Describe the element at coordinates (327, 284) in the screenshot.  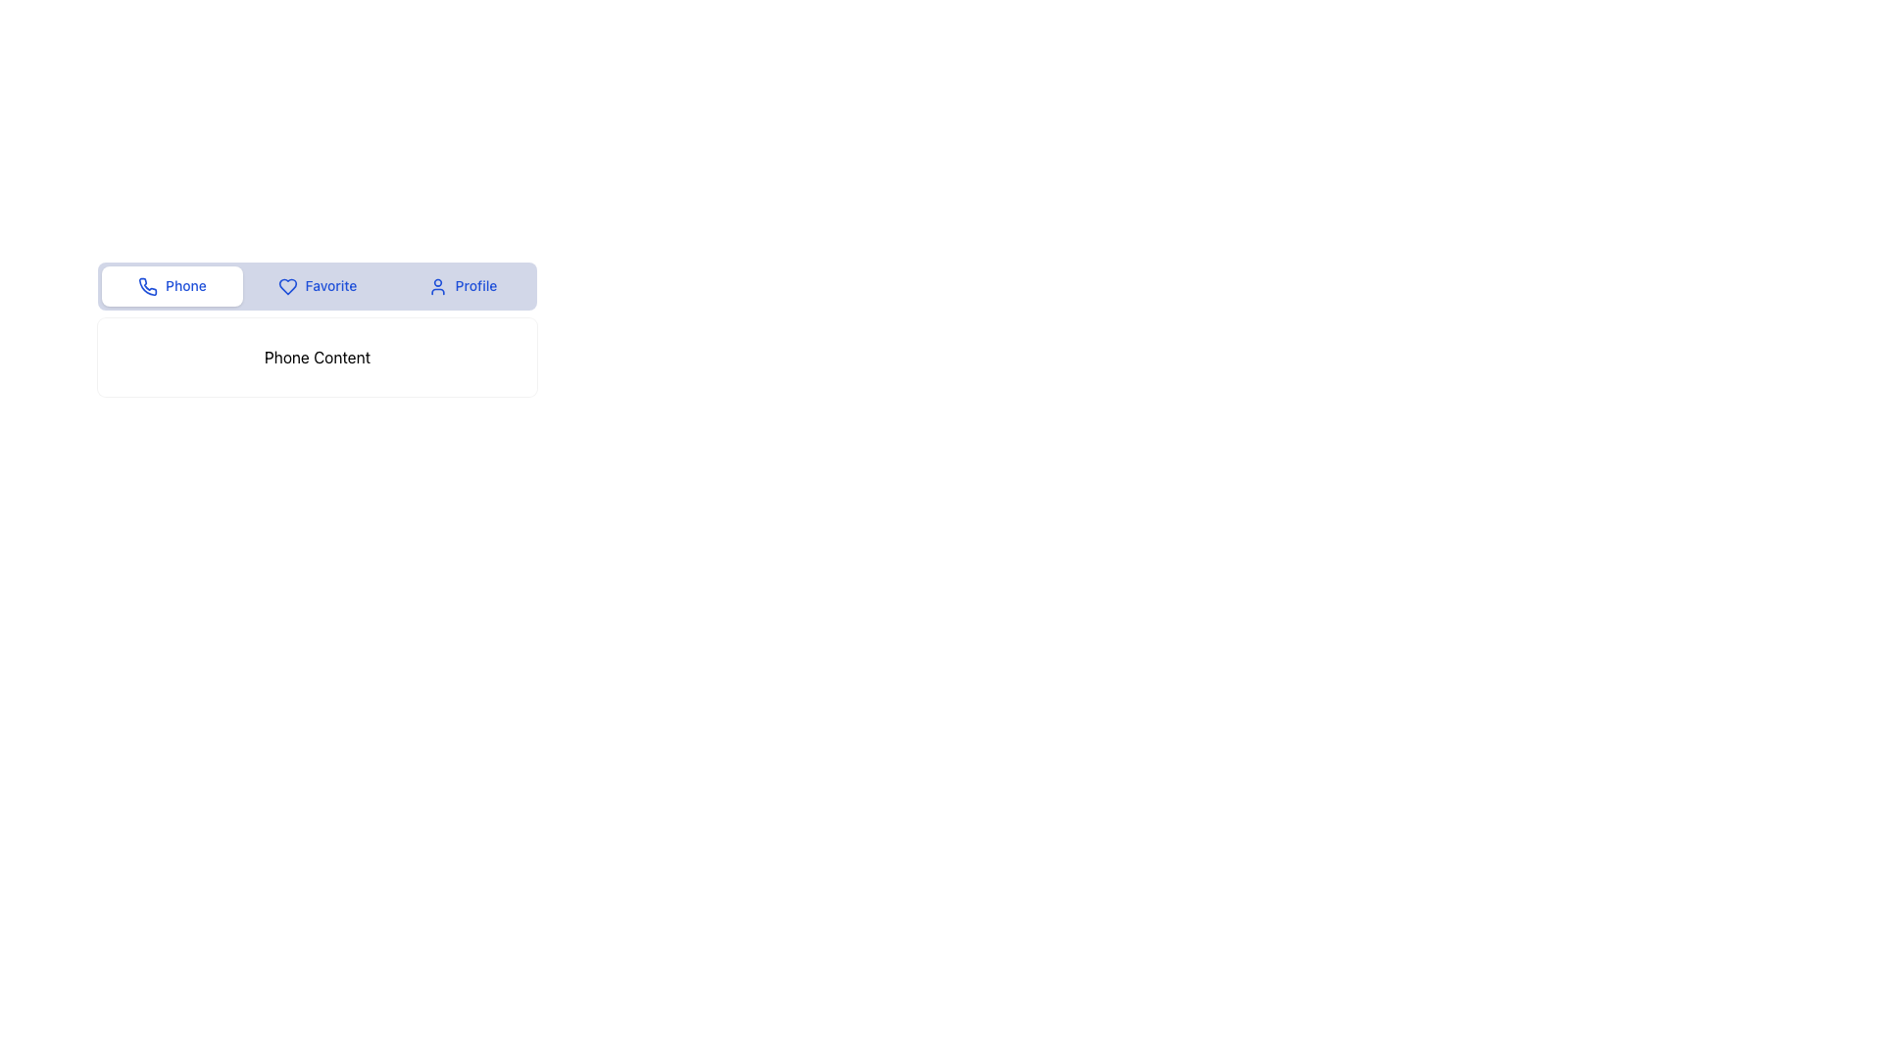
I see `the 'Favorite' tab` at that location.